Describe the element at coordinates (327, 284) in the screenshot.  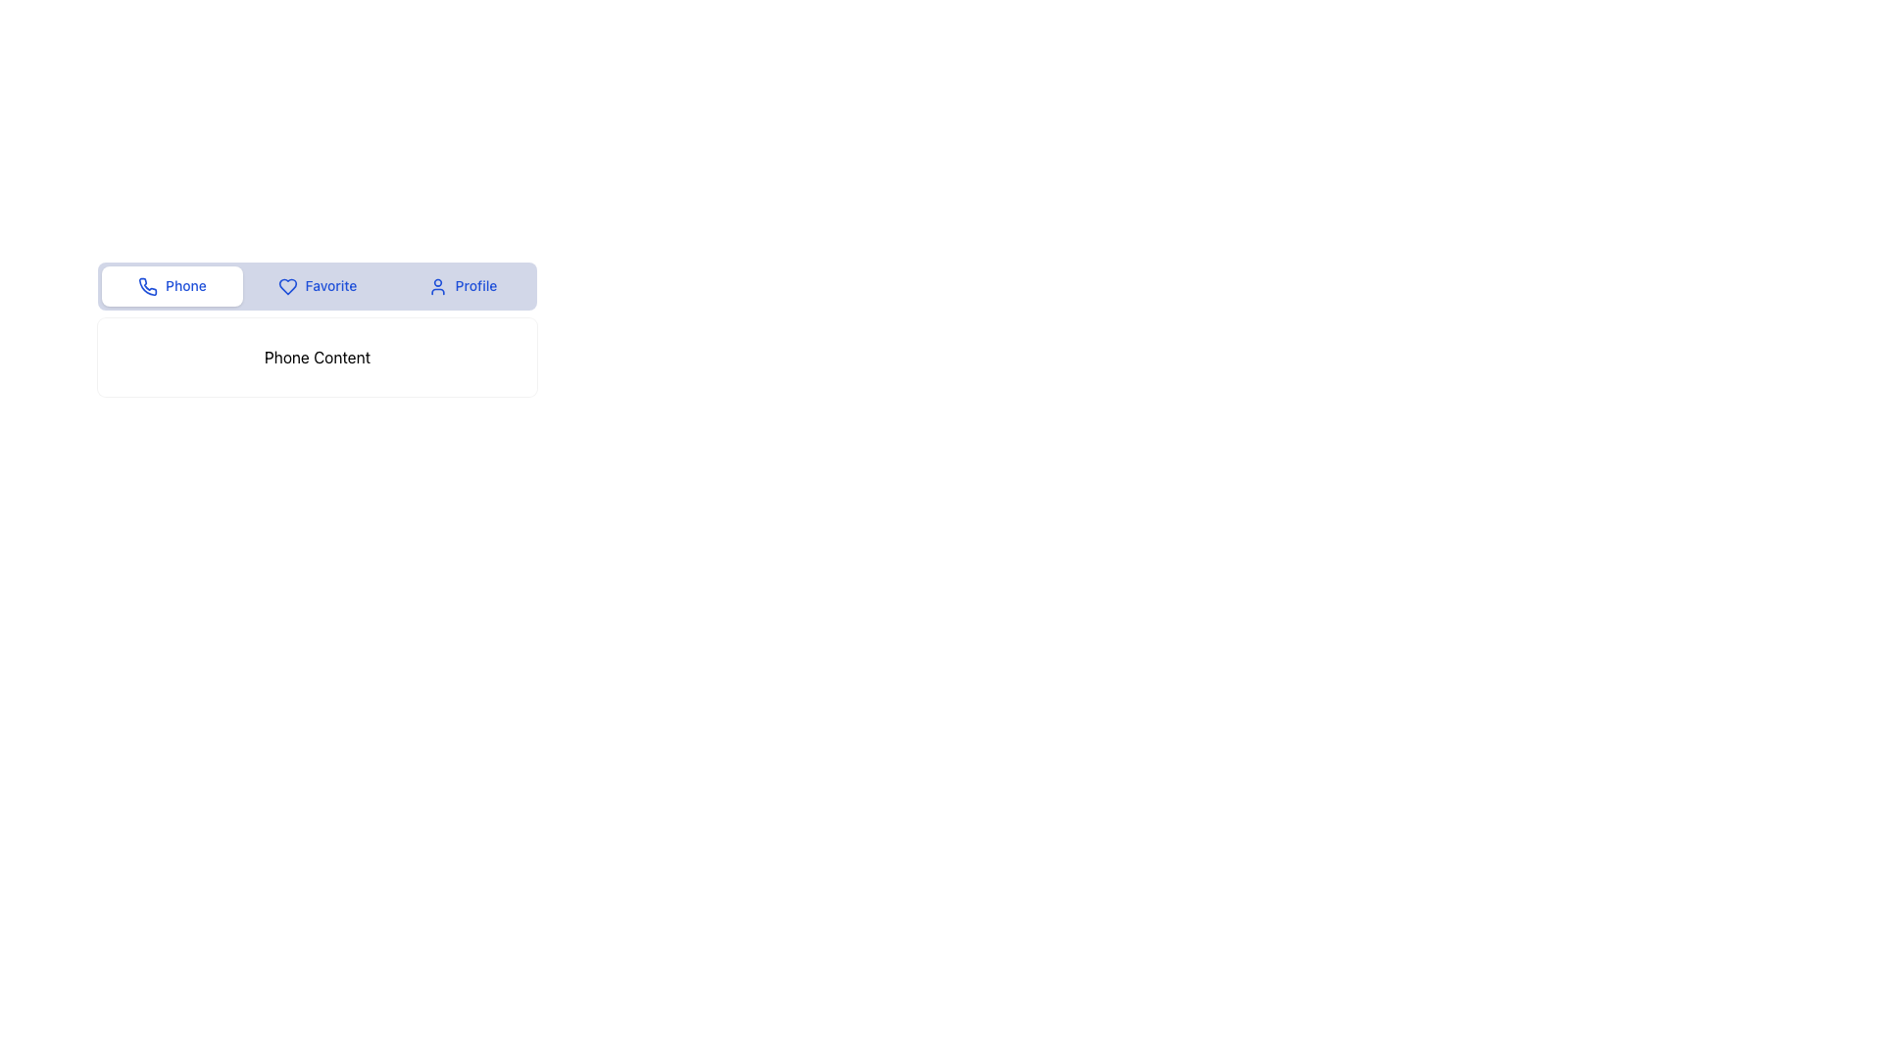
I see `the 'Favorite' tab` at that location.